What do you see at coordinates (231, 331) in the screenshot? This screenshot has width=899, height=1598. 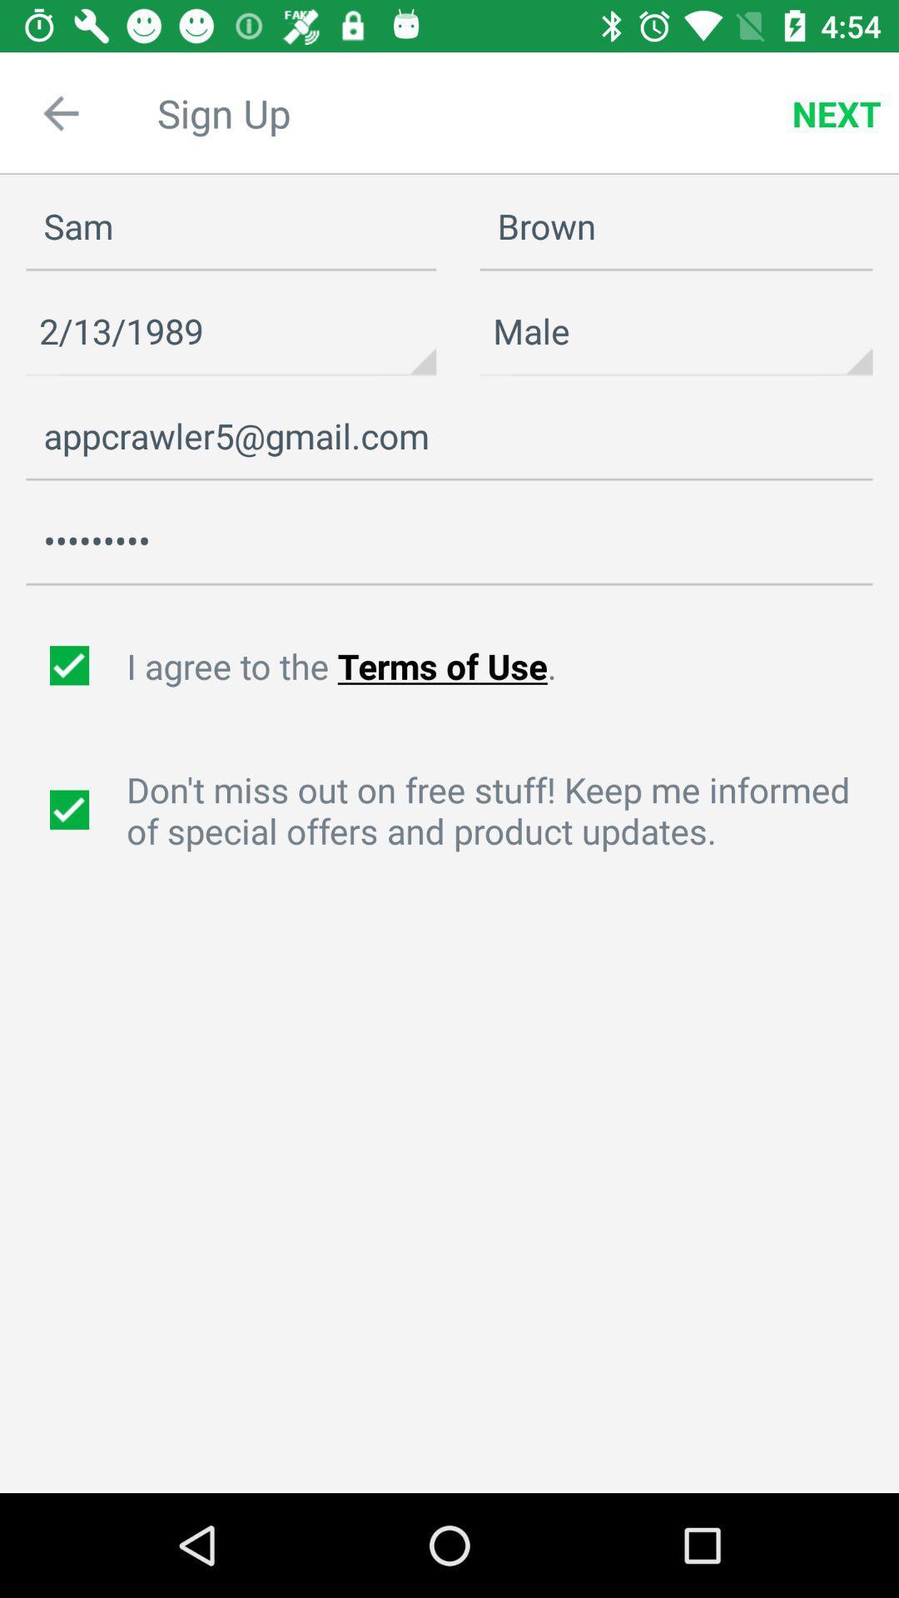 I see `icon above appcrawler5@gmail.com` at bounding box center [231, 331].